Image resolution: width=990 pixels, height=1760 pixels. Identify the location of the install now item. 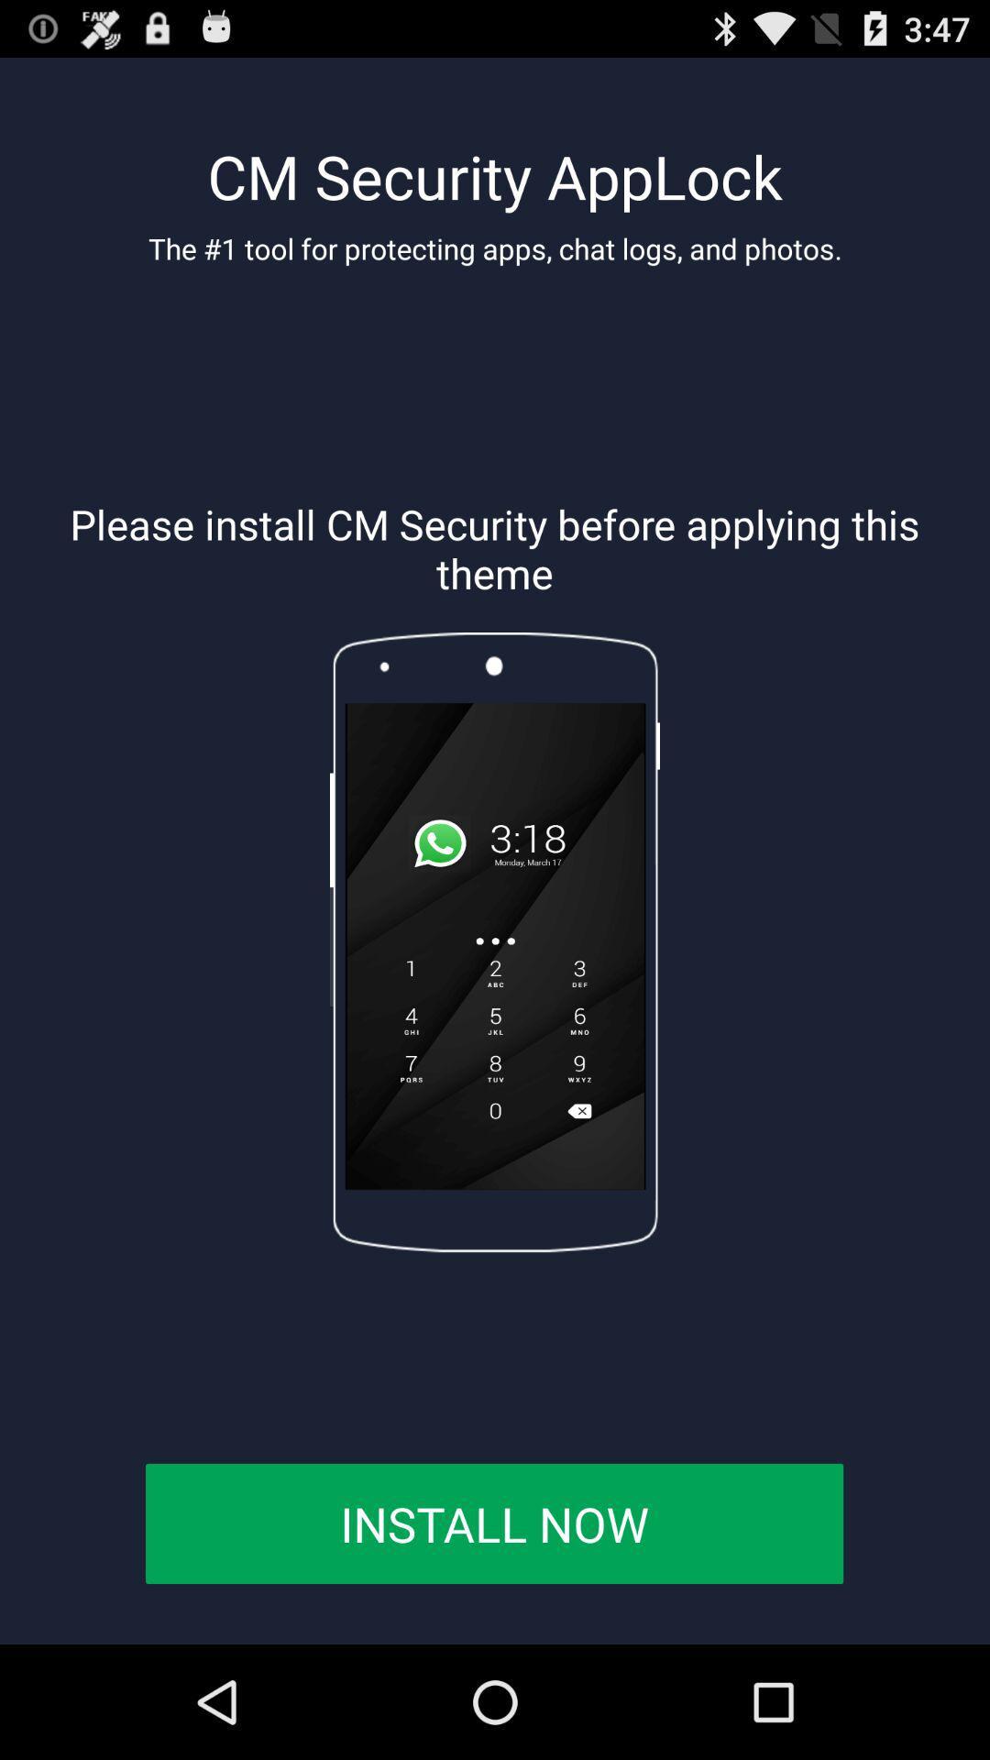
(493, 1523).